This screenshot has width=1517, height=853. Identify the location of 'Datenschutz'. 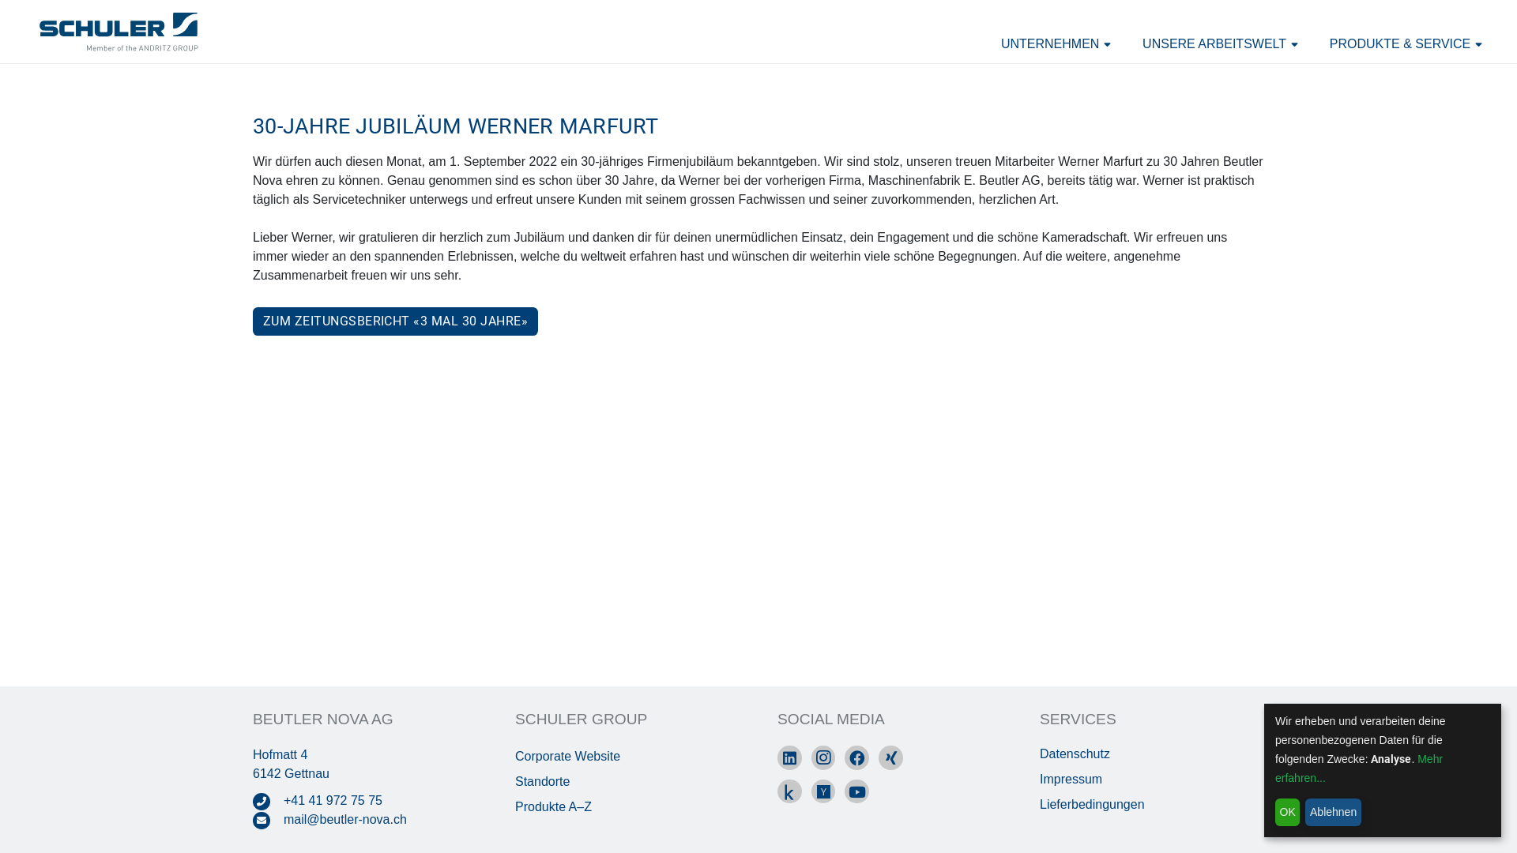
(1075, 753).